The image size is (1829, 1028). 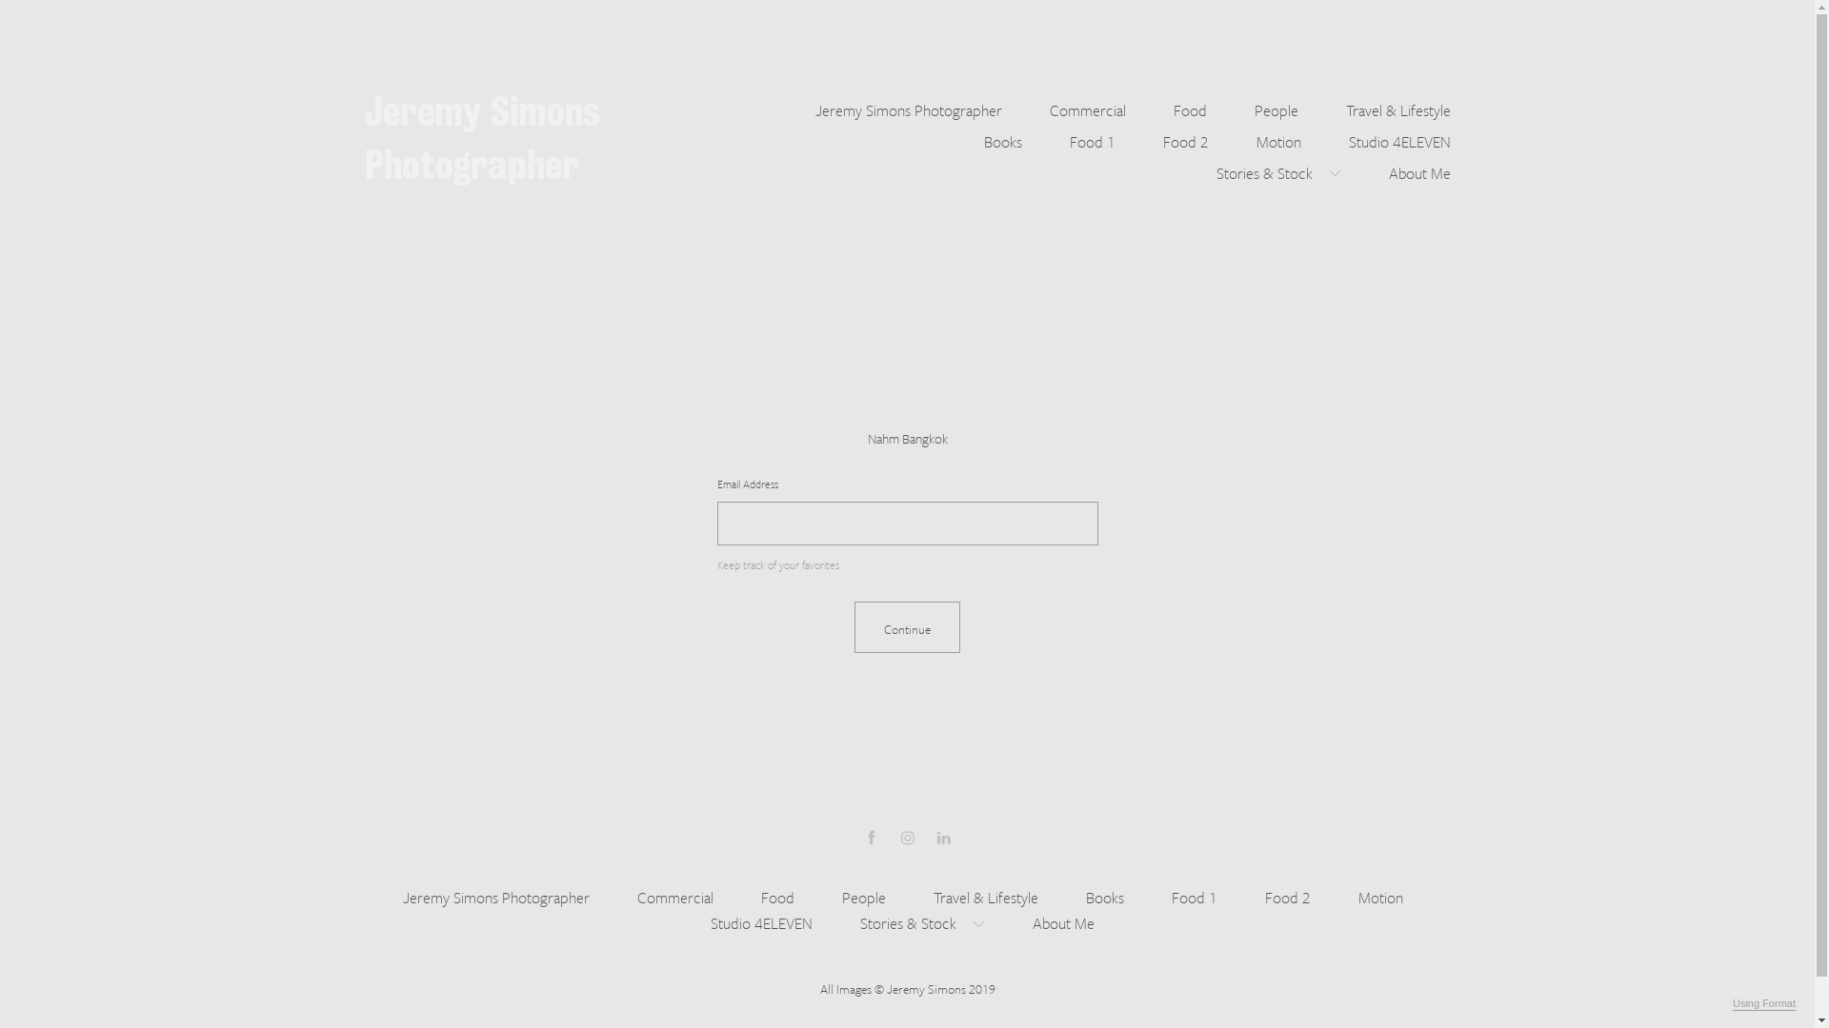 What do you see at coordinates (1288, 895) in the screenshot?
I see `'Food 2'` at bounding box center [1288, 895].